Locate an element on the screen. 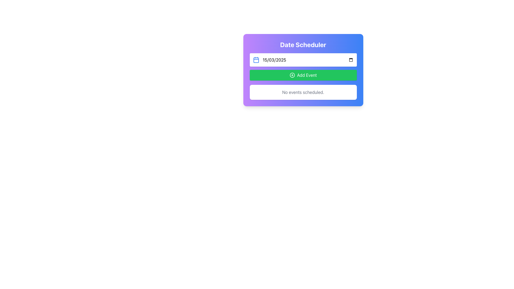 The height and width of the screenshot is (289, 514). the blue calendar icon with rounded corners located to the left of the date input field is located at coordinates (256, 60).